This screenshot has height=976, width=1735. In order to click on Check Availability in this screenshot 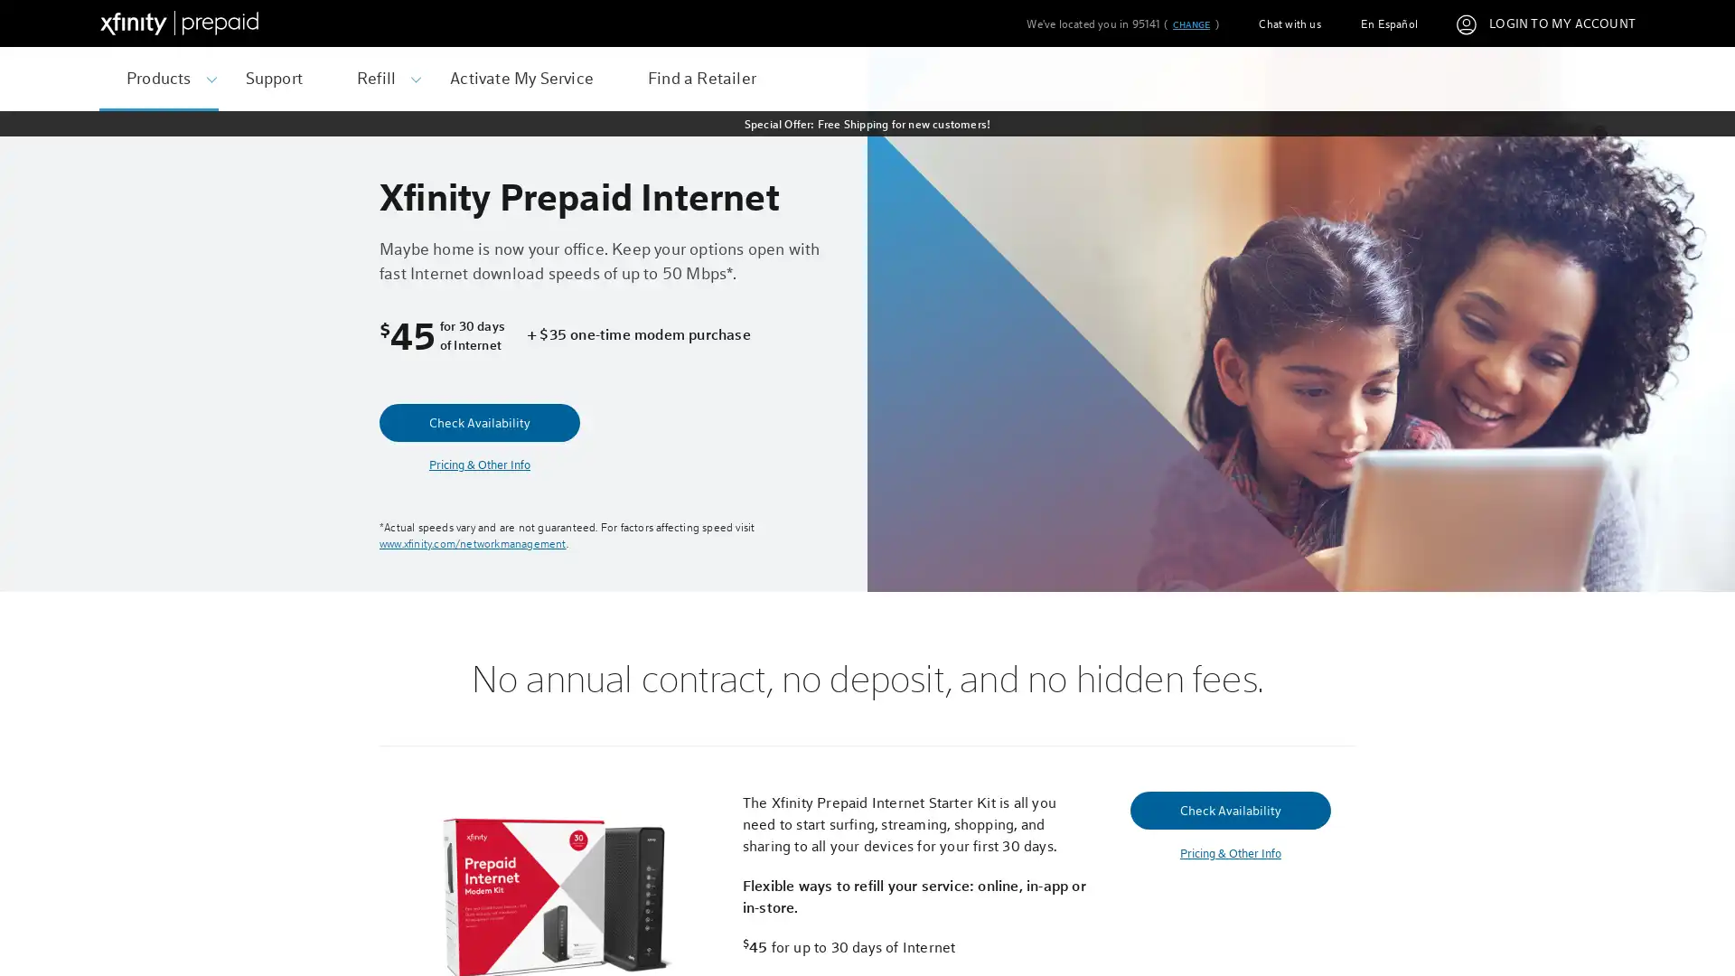, I will do `click(480, 422)`.